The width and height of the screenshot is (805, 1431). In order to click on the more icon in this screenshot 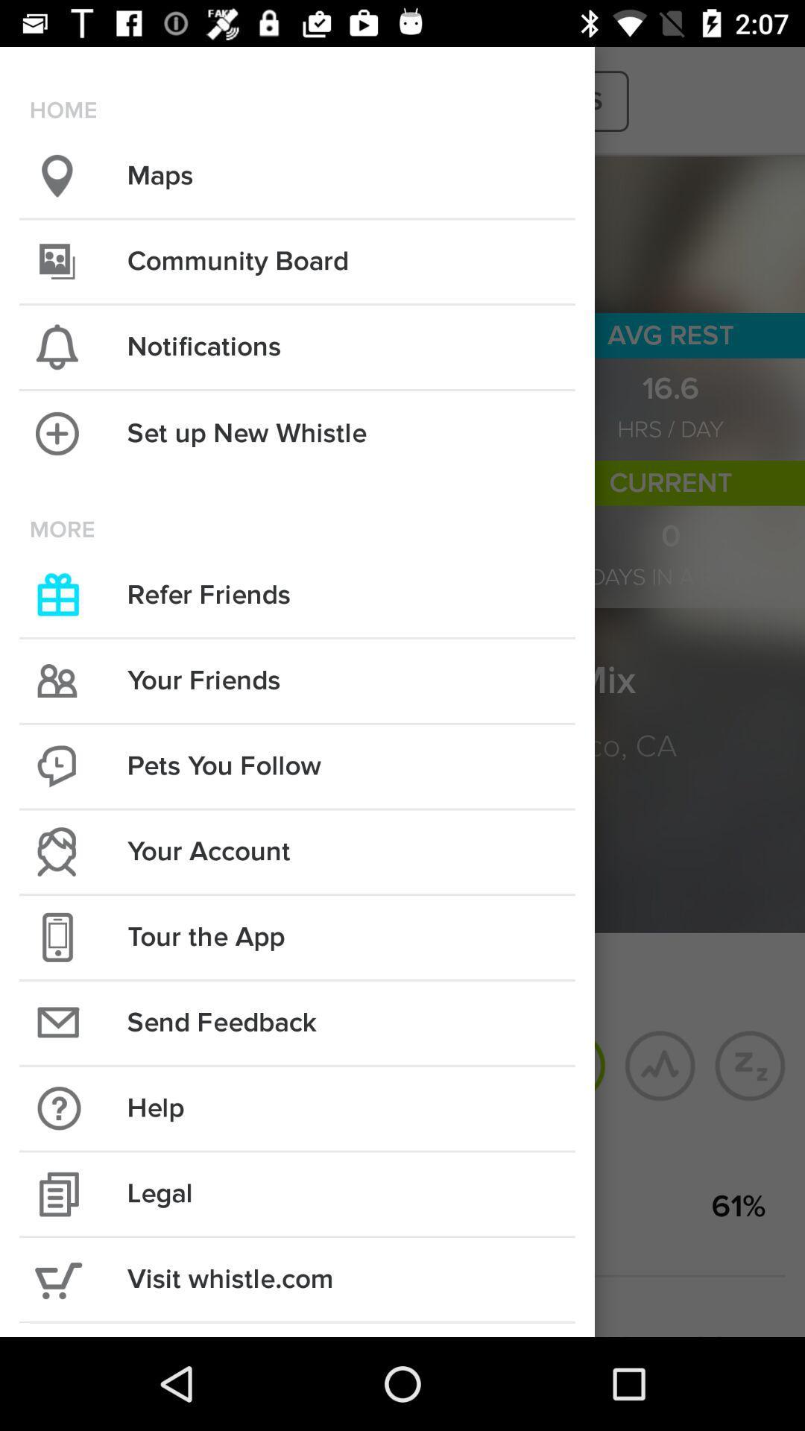, I will do `click(58, 101)`.